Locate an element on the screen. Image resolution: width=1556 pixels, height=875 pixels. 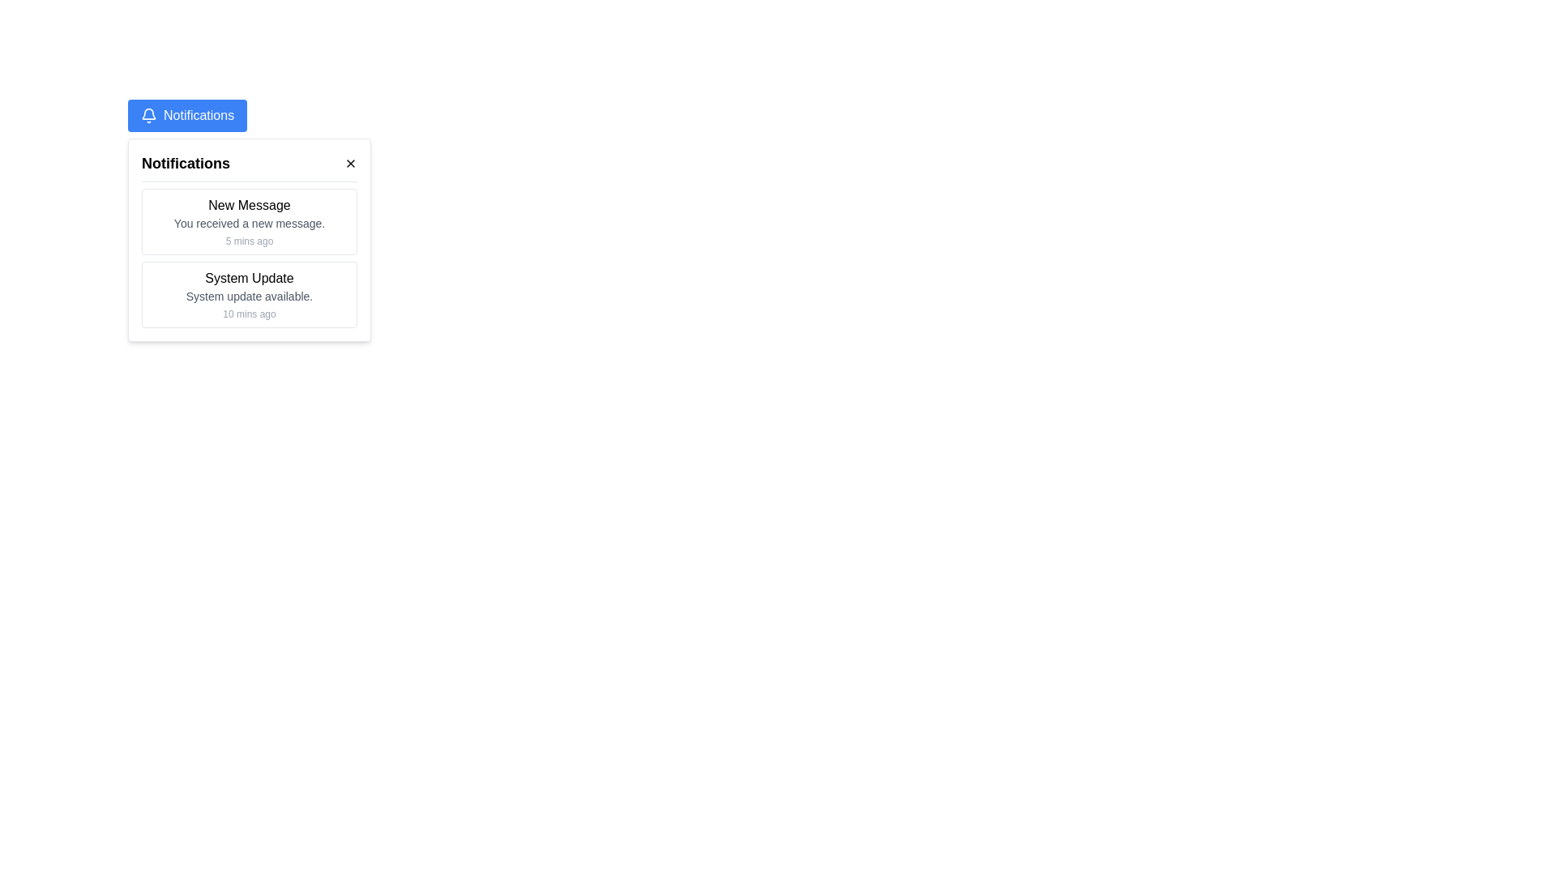
details about the first notification card in the notification dropdown panel, which contains information about a new message received is located at coordinates (248, 221).